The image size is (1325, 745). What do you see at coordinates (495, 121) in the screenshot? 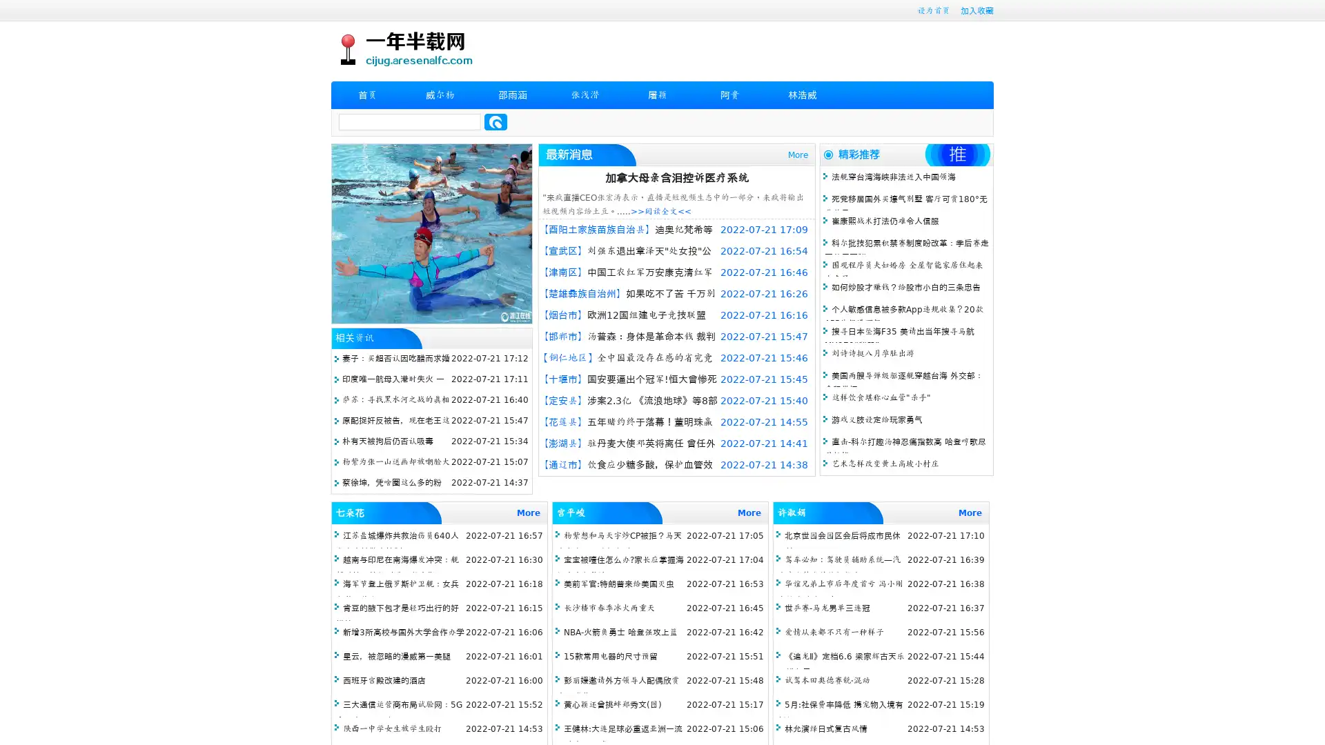
I see `Search` at bounding box center [495, 121].